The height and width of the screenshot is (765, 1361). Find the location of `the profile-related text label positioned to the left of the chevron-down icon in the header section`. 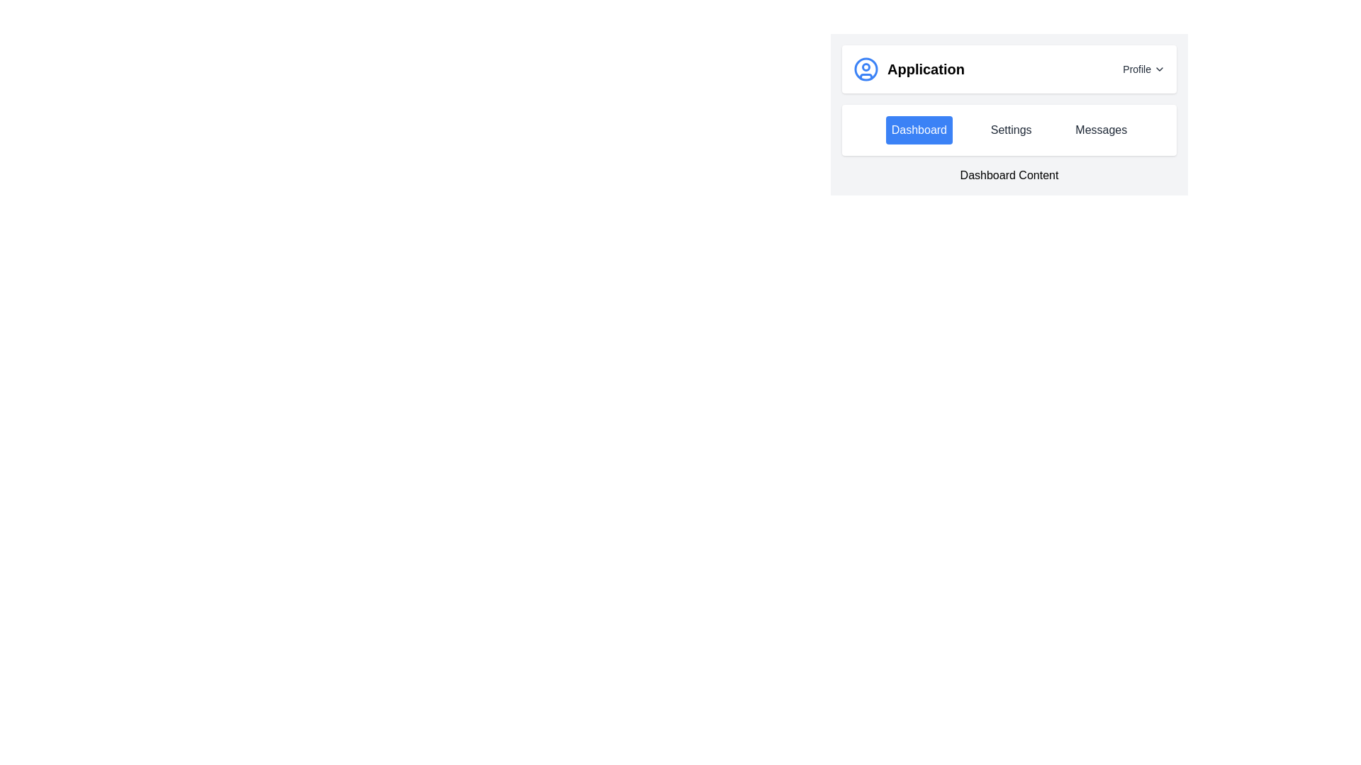

the profile-related text label positioned to the left of the chevron-down icon in the header section is located at coordinates (1137, 69).